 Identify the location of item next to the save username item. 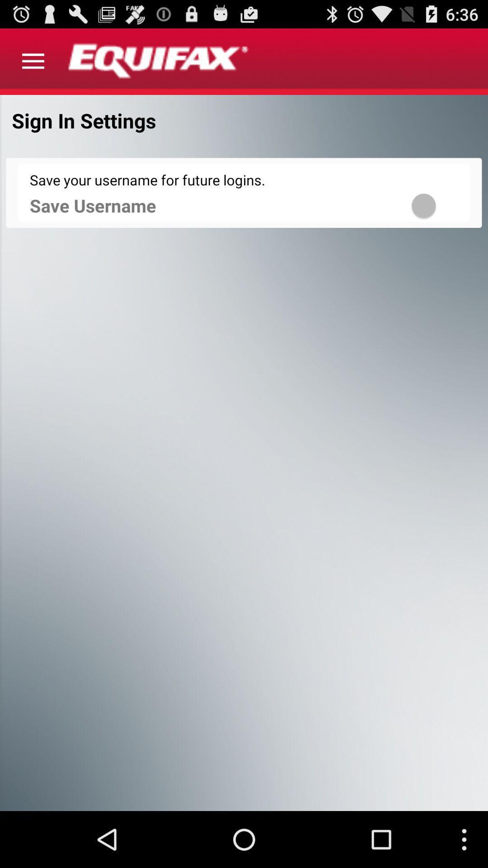
(435, 205).